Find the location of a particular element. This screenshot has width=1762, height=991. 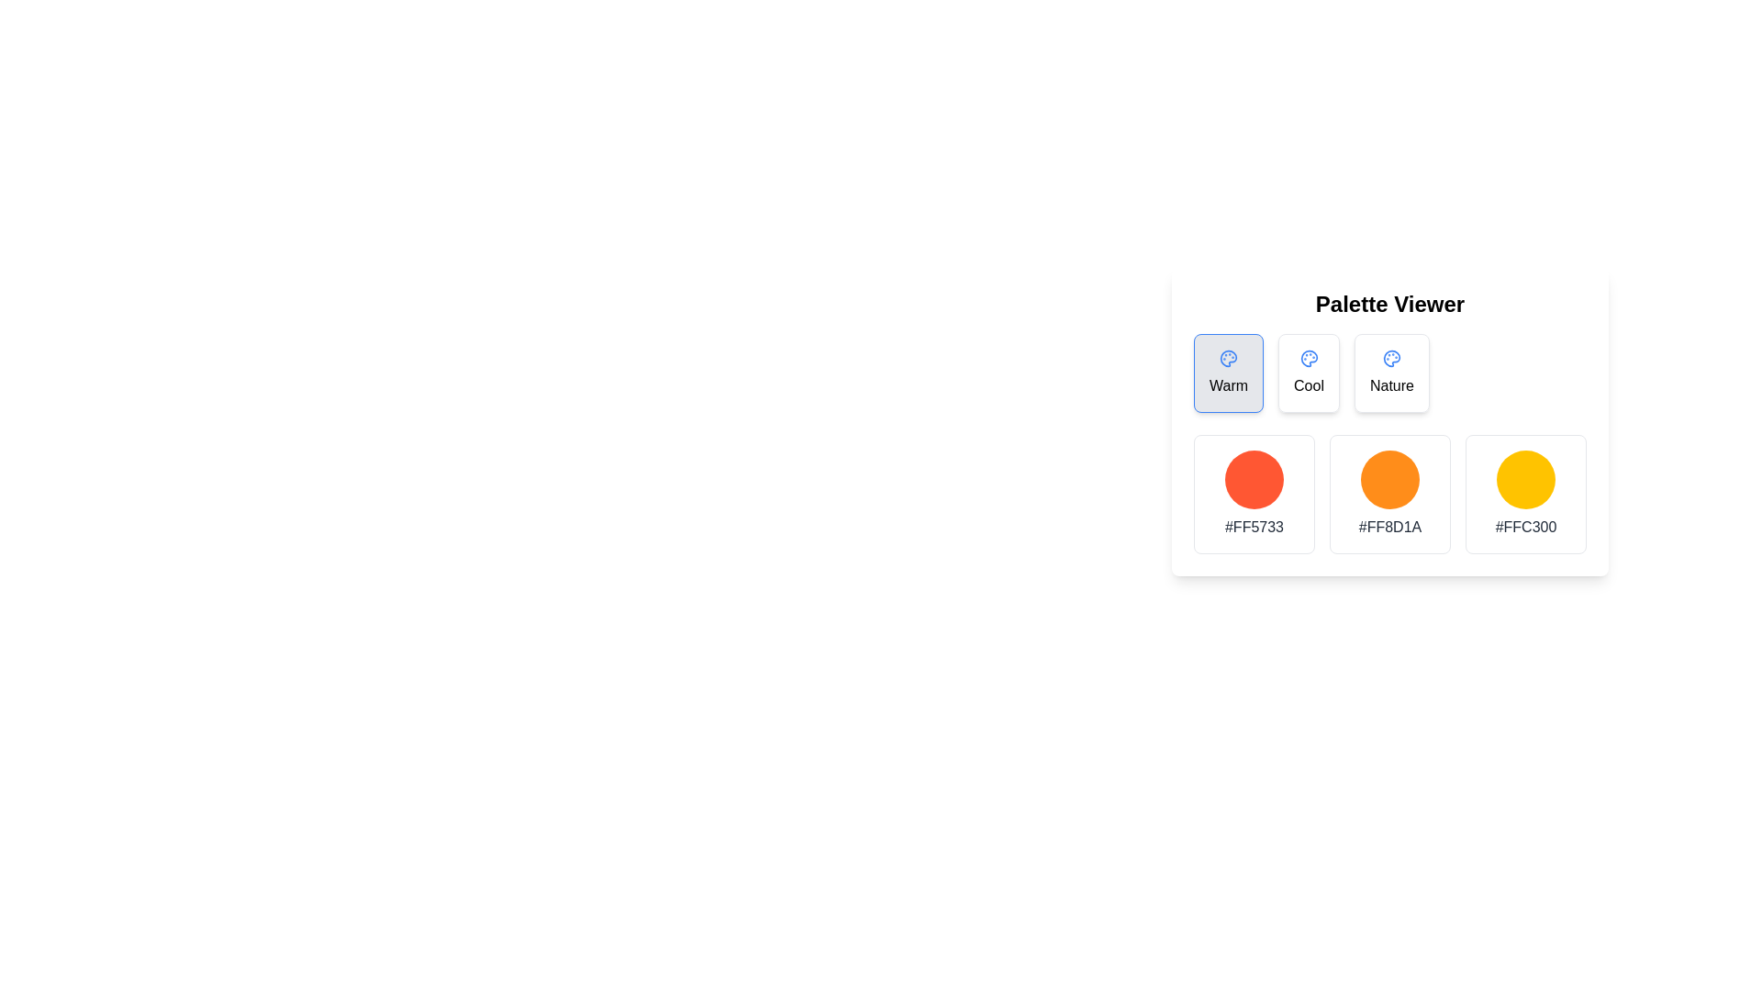

the 'Cool' theme icon in the Palette Viewer interface is located at coordinates (1308, 358).